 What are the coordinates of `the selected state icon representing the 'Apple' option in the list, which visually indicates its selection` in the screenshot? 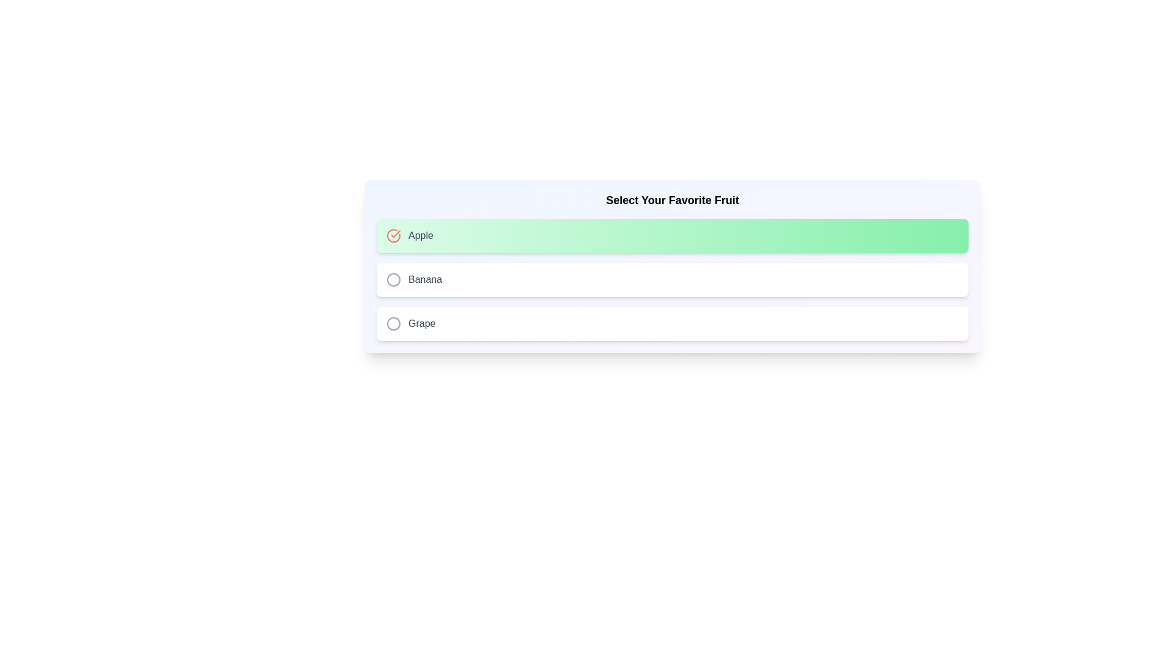 It's located at (393, 235).